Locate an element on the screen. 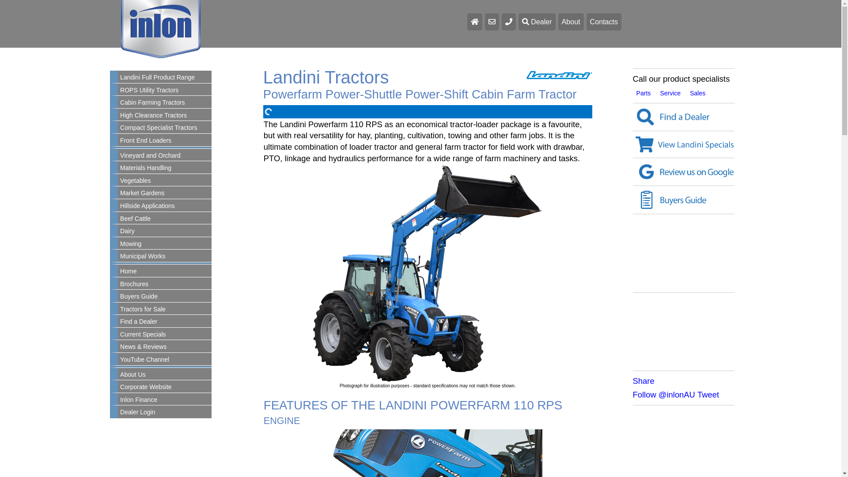 The width and height of the screenshot is (848, 477). 'High Clearance Tractors' is located at coordinates (165, 115).